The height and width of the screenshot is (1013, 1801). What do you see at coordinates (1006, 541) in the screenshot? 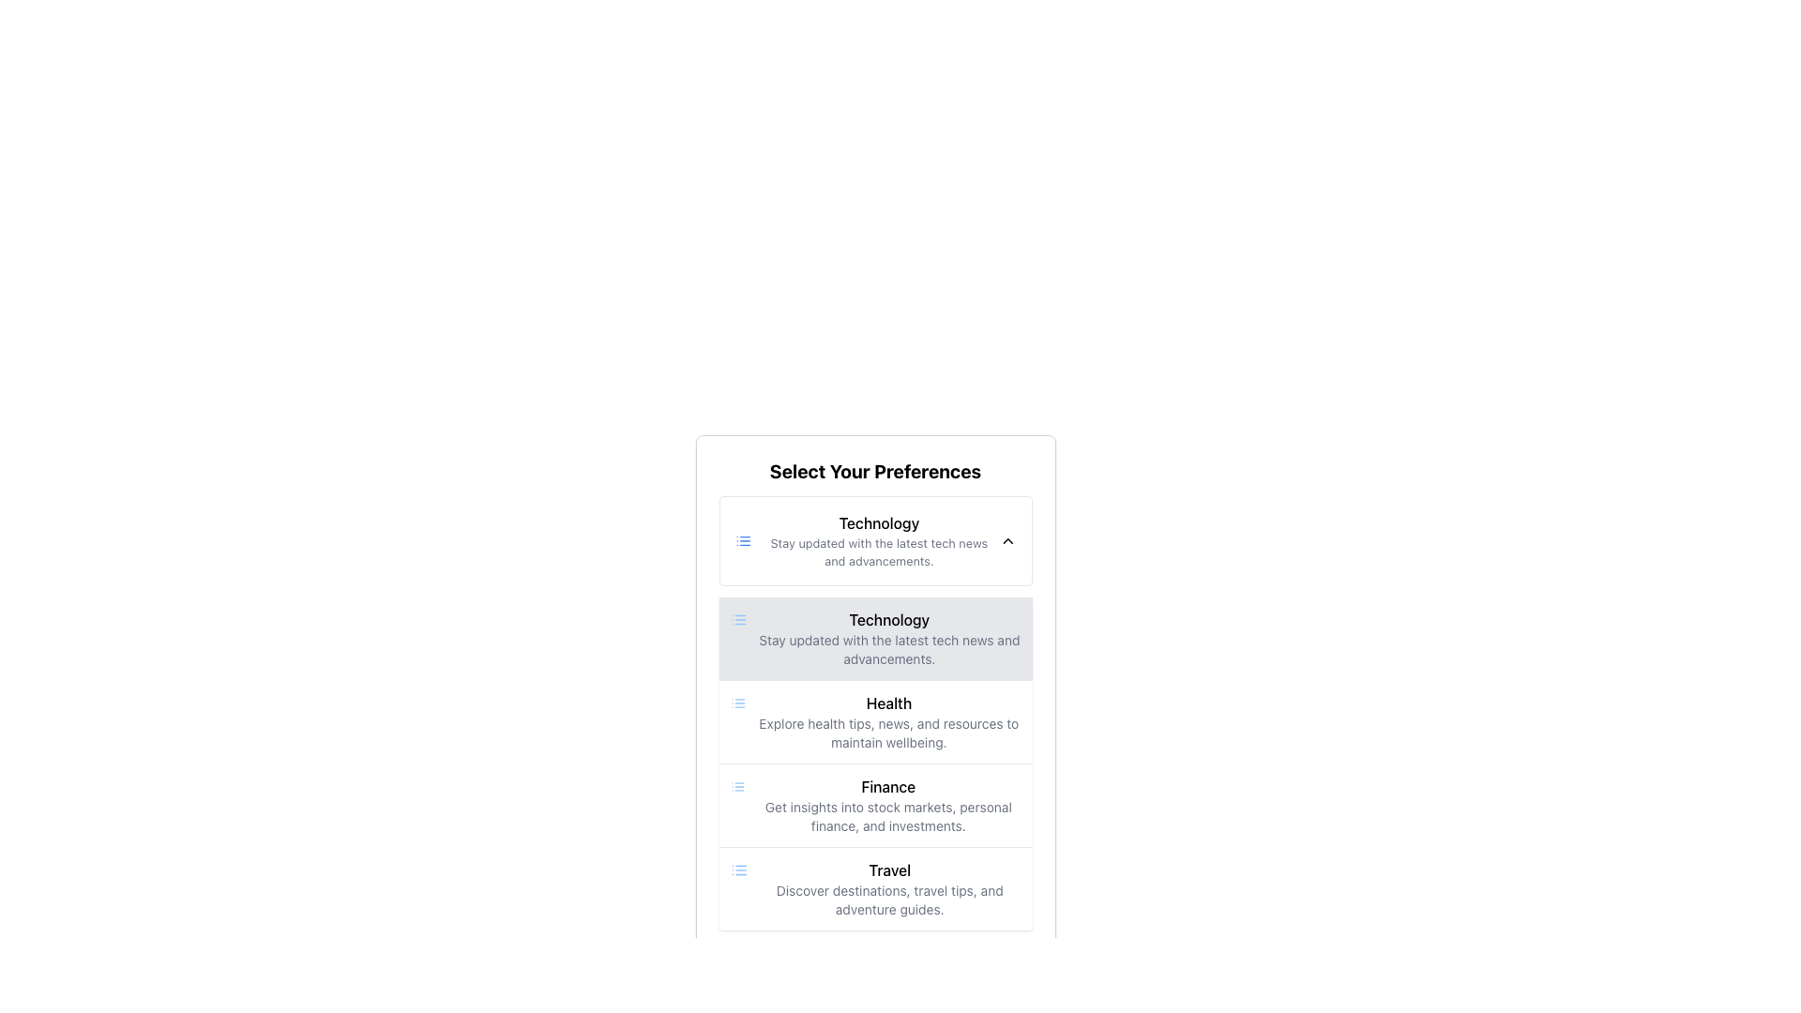
I see `the chevron icon at the right end of the 'Technology' section` at bounding box center [1006, 541].